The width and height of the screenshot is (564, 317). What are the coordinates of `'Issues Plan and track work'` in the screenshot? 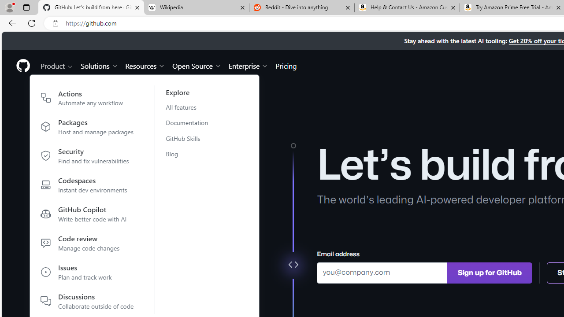 It's located at (87, 273).